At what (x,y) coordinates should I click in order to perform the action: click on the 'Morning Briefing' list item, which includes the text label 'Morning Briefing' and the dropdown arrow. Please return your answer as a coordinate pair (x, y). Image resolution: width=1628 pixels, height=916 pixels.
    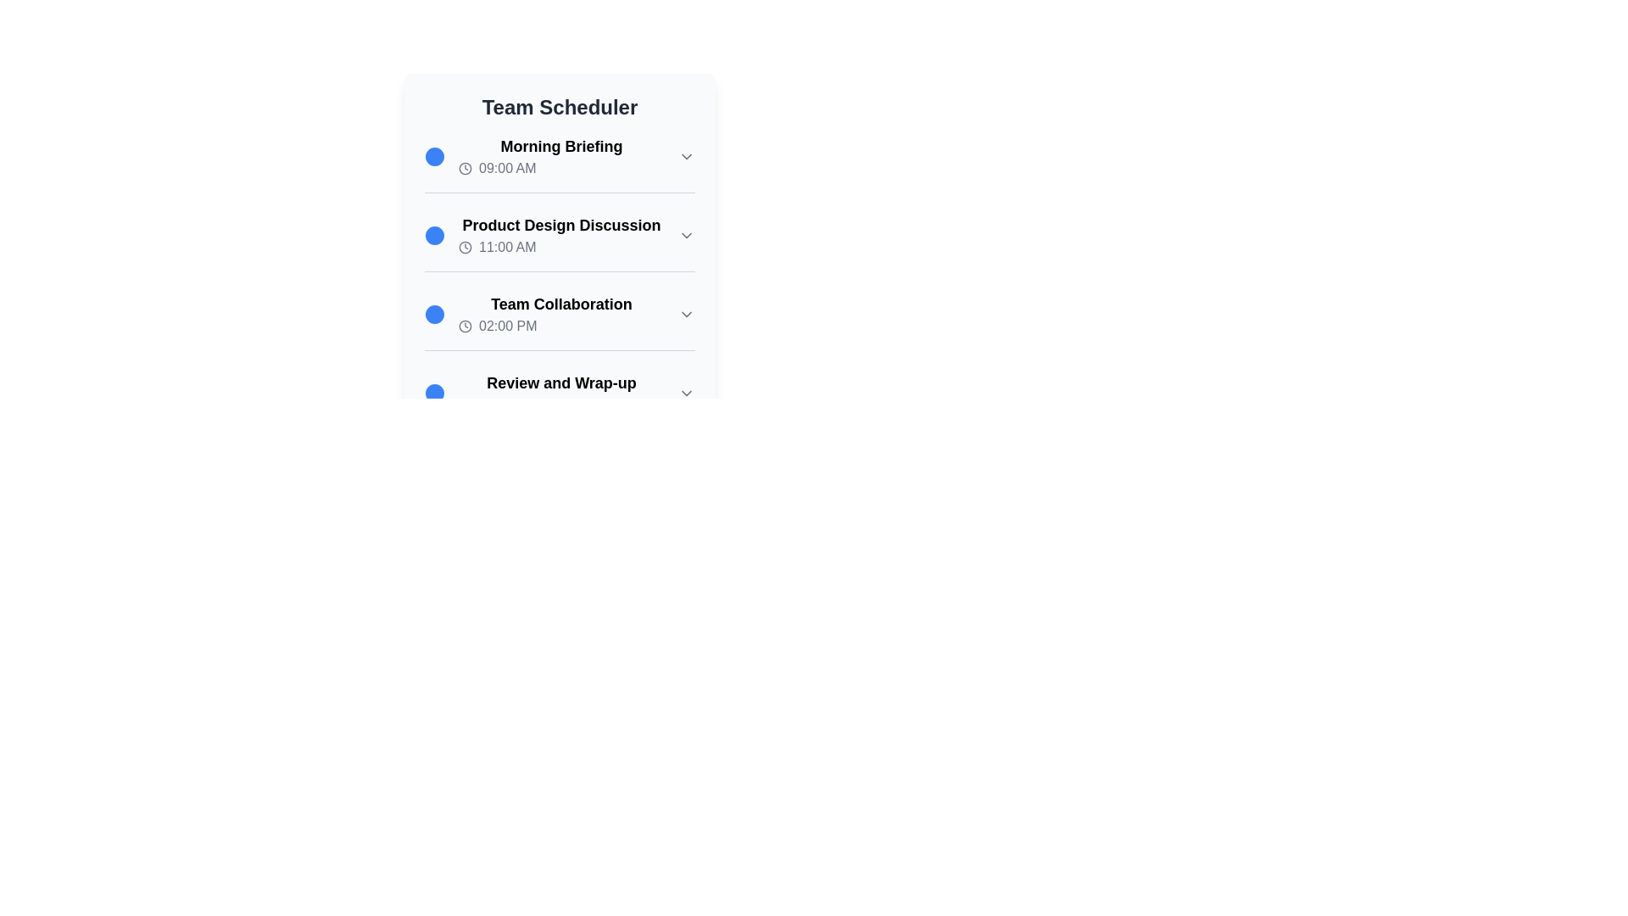
    Looking at the image, I should click on (560, 157).